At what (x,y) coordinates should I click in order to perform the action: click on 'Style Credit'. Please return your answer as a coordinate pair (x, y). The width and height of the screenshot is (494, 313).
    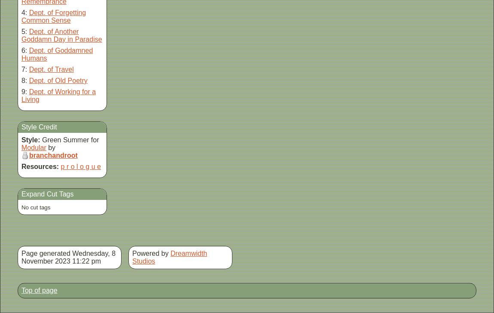
    Looking at the image, I should click on (38, 127).